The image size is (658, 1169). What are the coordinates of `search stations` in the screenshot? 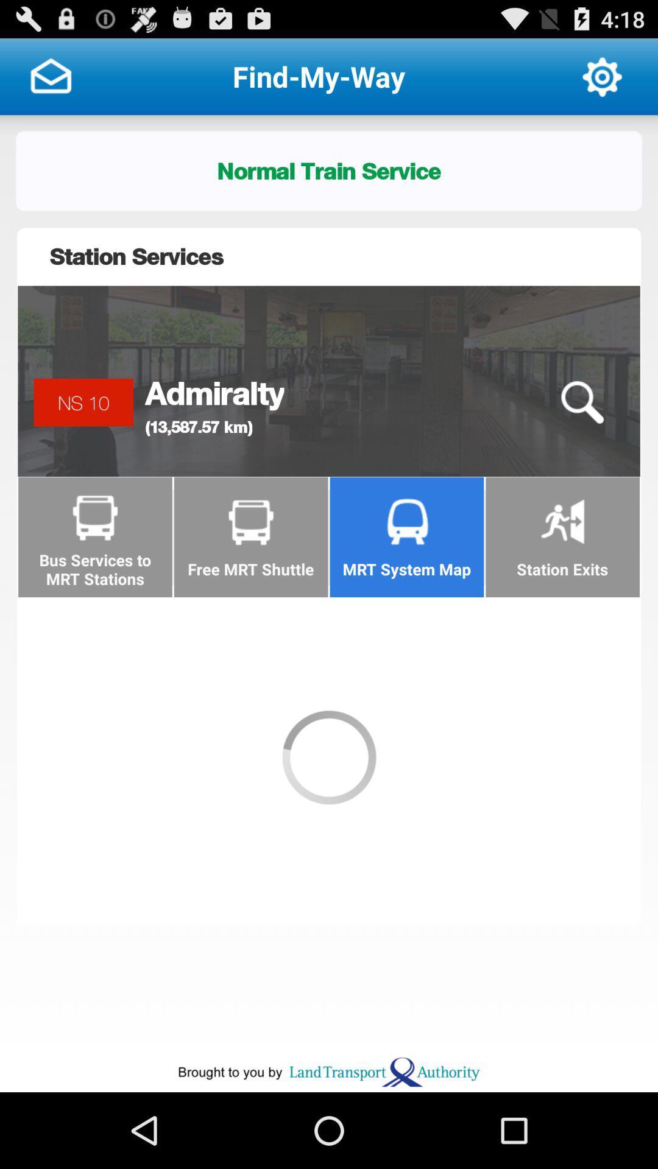 It's located at (581, 402).